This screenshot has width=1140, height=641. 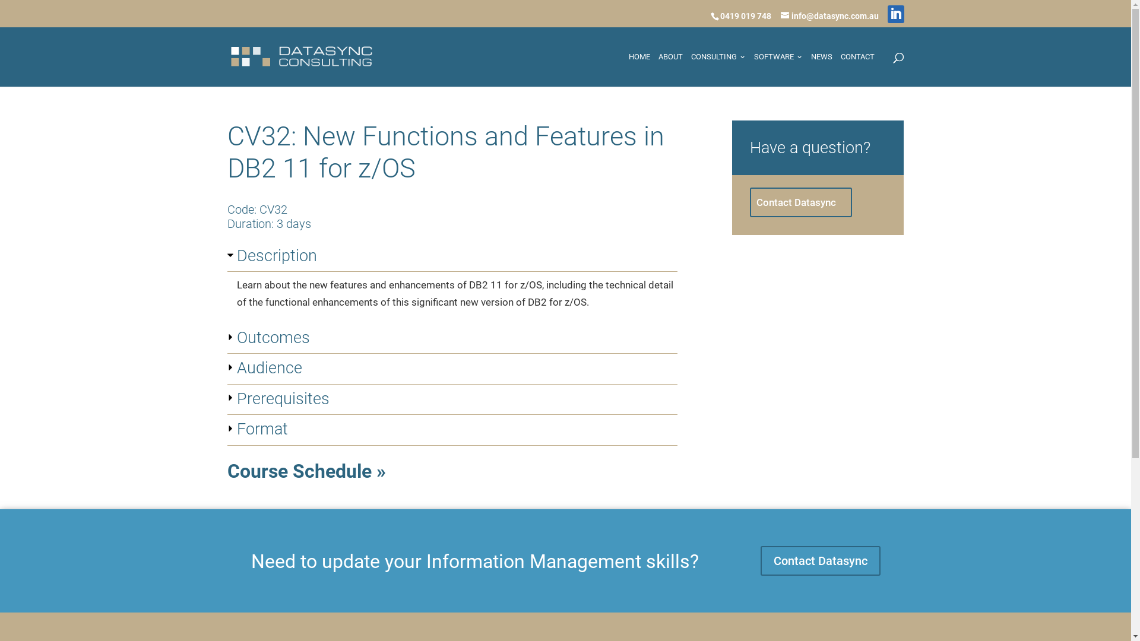 I want to click on '0419 019 748', so click(x=744, y=15).